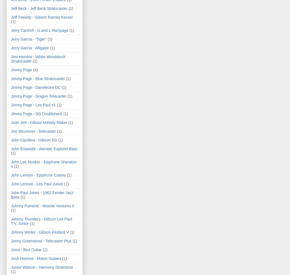 The height and width of the screenshot is (275, 290). Describe the element at coordinates (28, 39) in the screenshot. I see `'Jerry Garcia - "Tiger"'` at that location.